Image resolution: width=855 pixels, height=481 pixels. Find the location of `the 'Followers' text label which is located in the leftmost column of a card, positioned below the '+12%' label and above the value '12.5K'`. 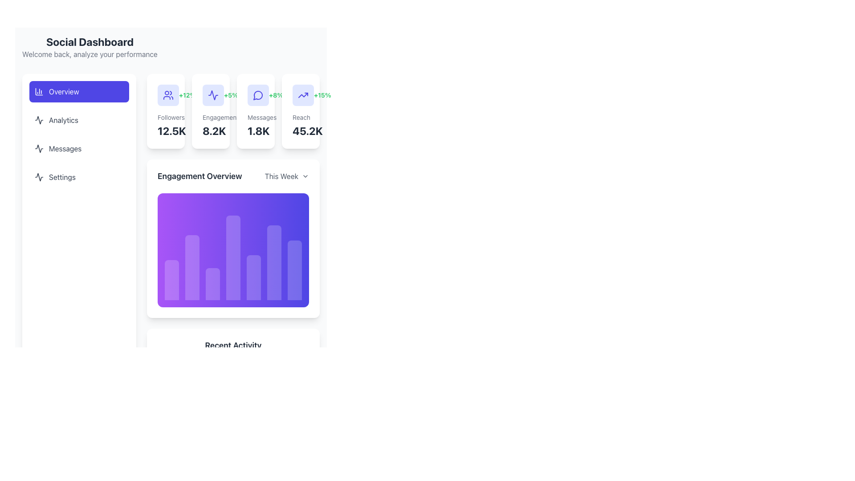

the 'Followers' text label which is located in the leftmost column of a card, positioned below the '+12%' label and above the value '12.5K' is located at coordinates (166, 117).